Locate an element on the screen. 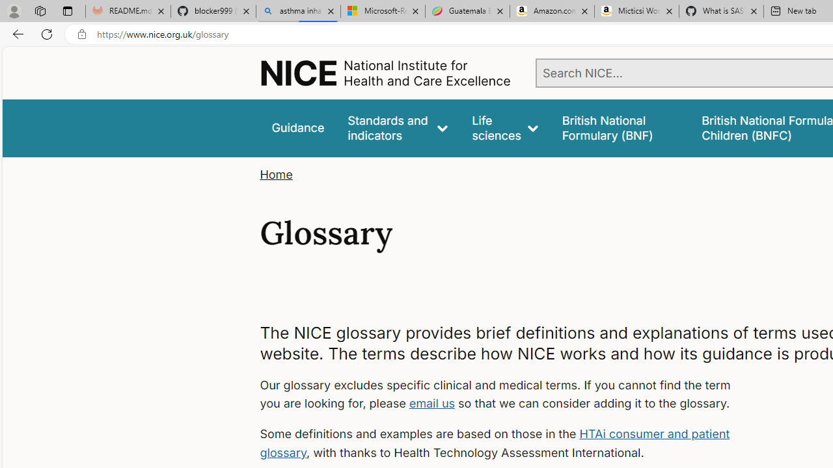 The image size is (833, 468). 'false' is located at coordinates (619, 128).